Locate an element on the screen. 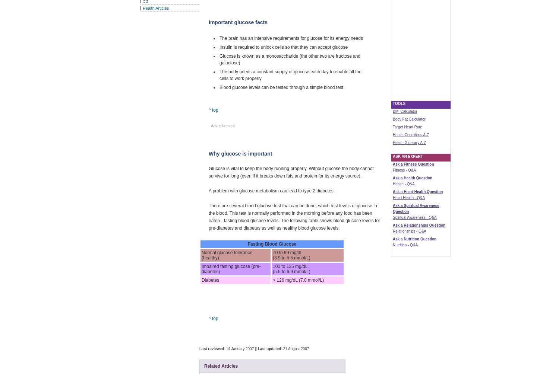 The image size is (559, 374). 'Ask a Nutrition Question' is located at coordinates (414, 239).